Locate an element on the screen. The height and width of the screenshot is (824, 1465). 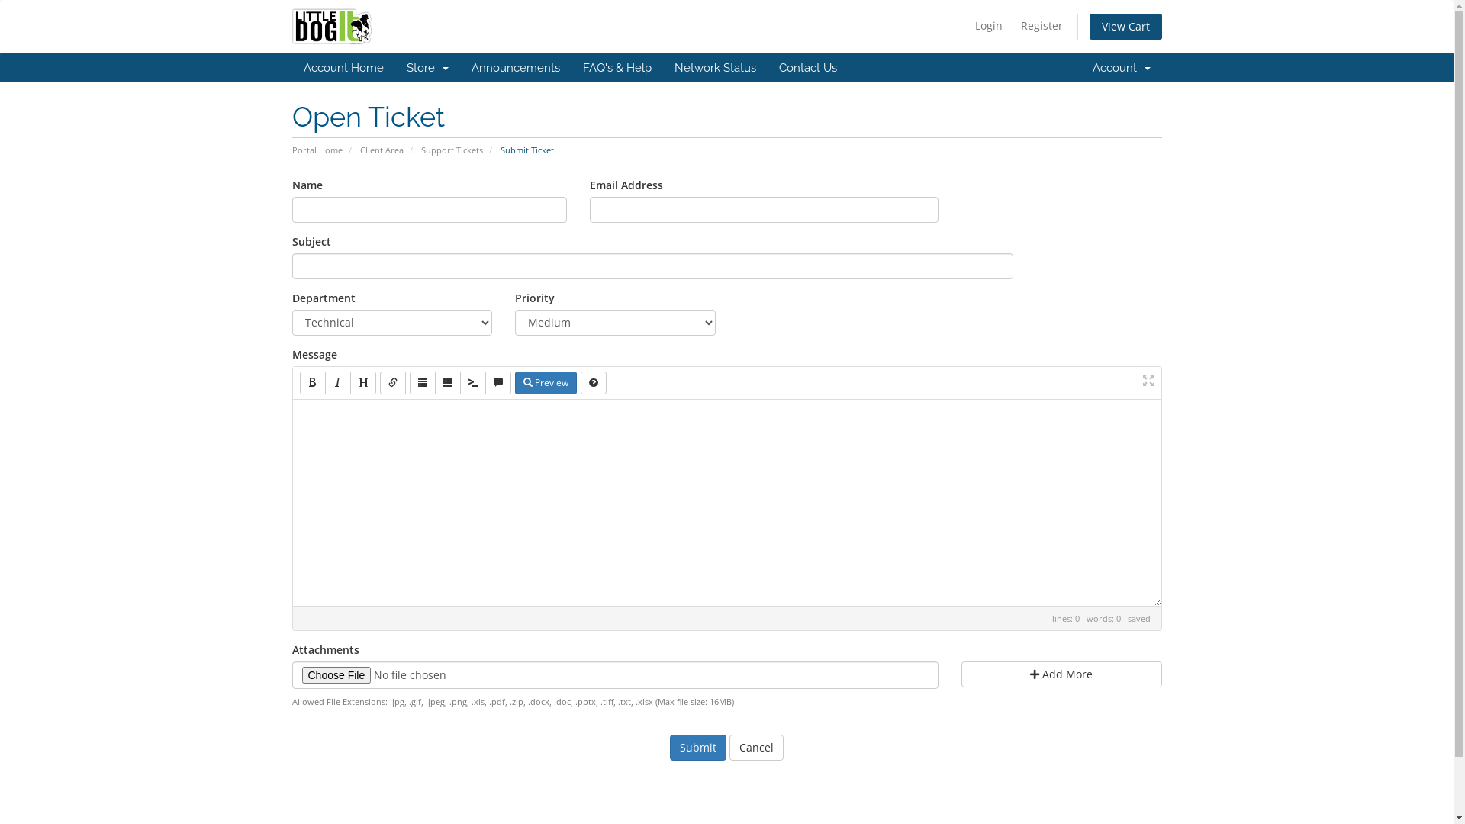
'Announcements' is located at coordinates (515, 66).